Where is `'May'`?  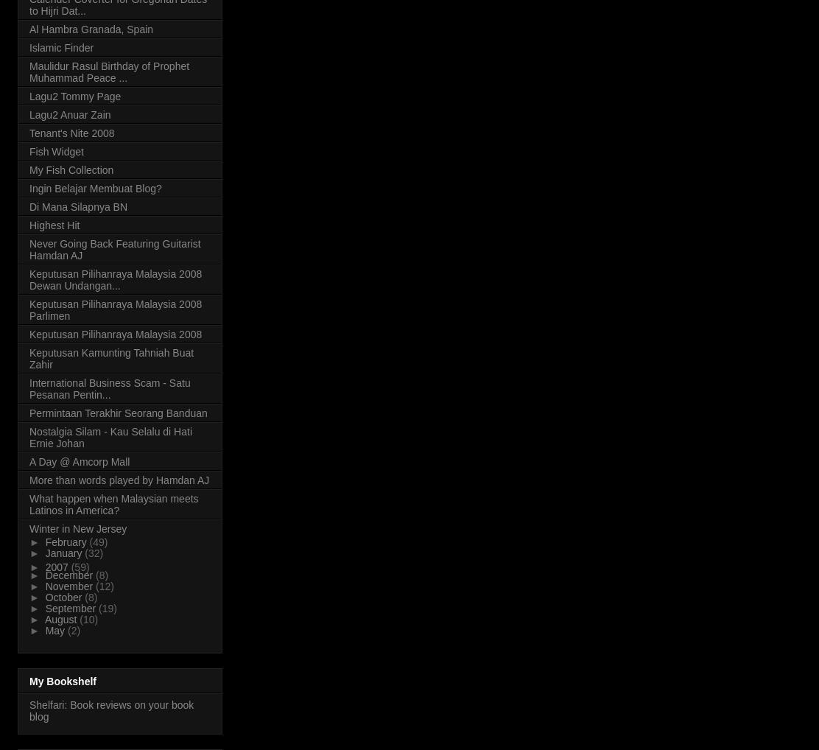
'May' is located at coordinates (55, 630).